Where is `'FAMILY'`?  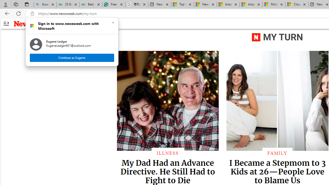 'FAMILY' is located at coordinates (277, 153).